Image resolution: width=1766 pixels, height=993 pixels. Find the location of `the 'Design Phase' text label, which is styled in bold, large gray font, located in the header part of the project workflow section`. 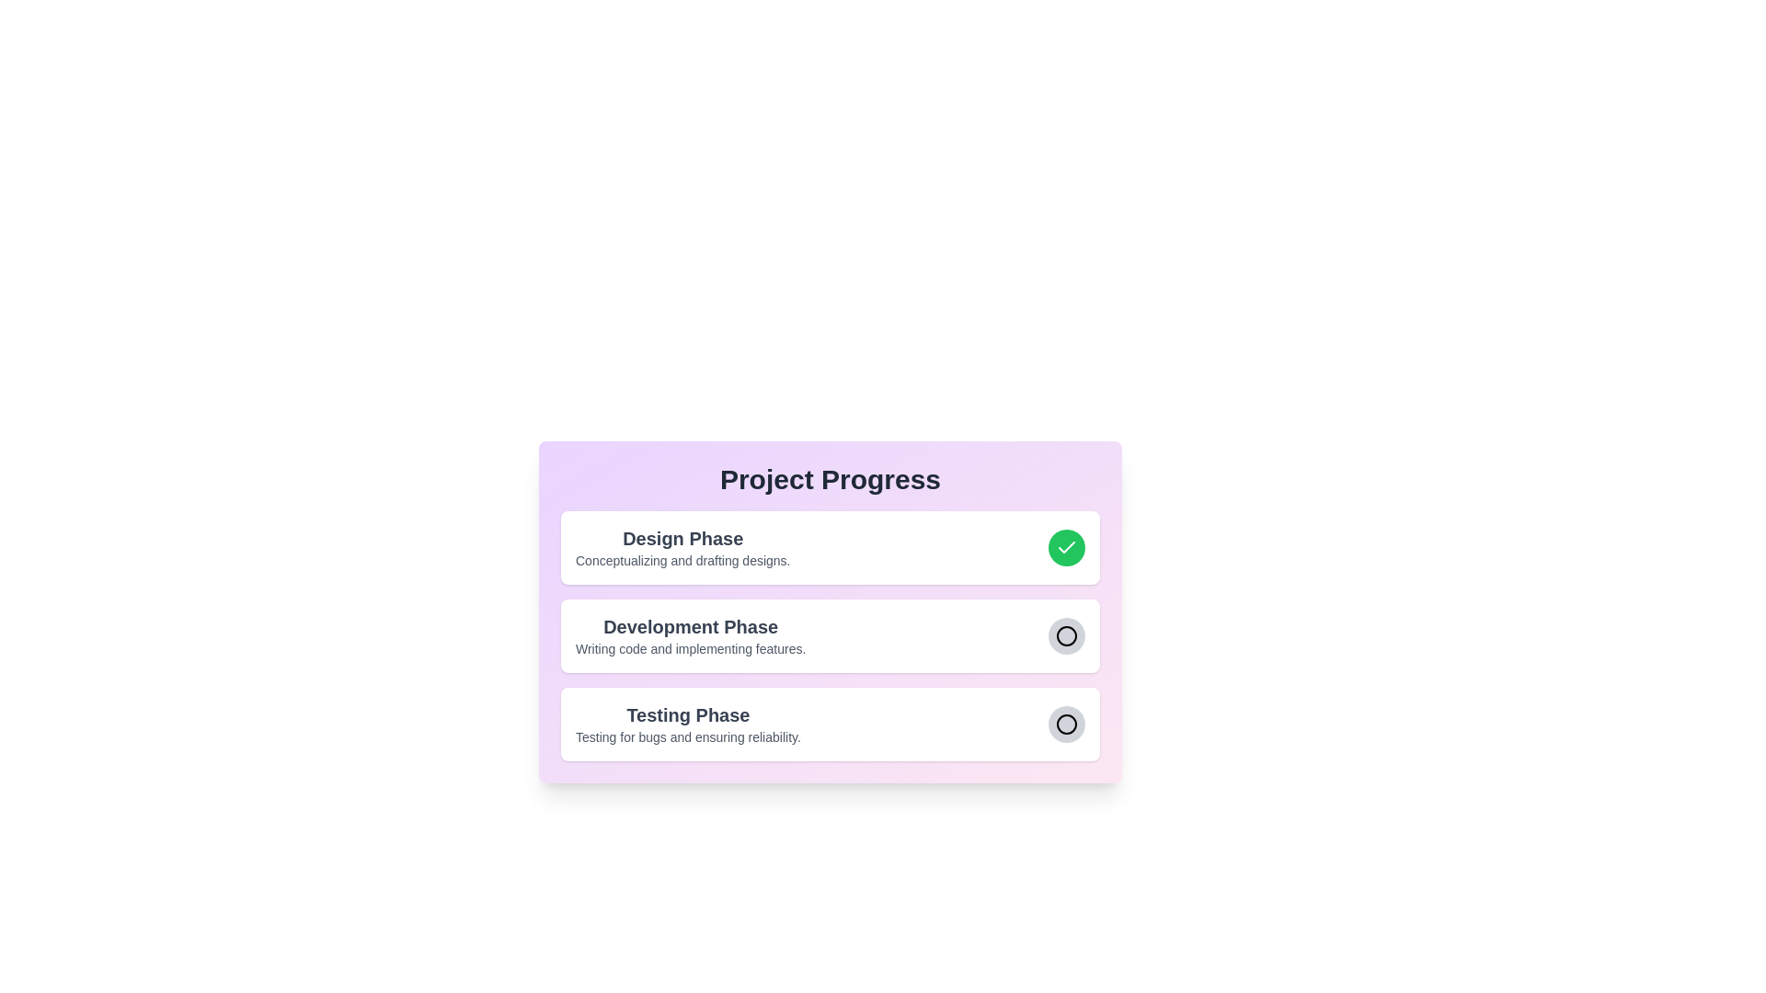

the 'Design Phase' text label, which is styled in bold, large gray font, located in the header part of the project workflow section is located at coordinates (682, 538).